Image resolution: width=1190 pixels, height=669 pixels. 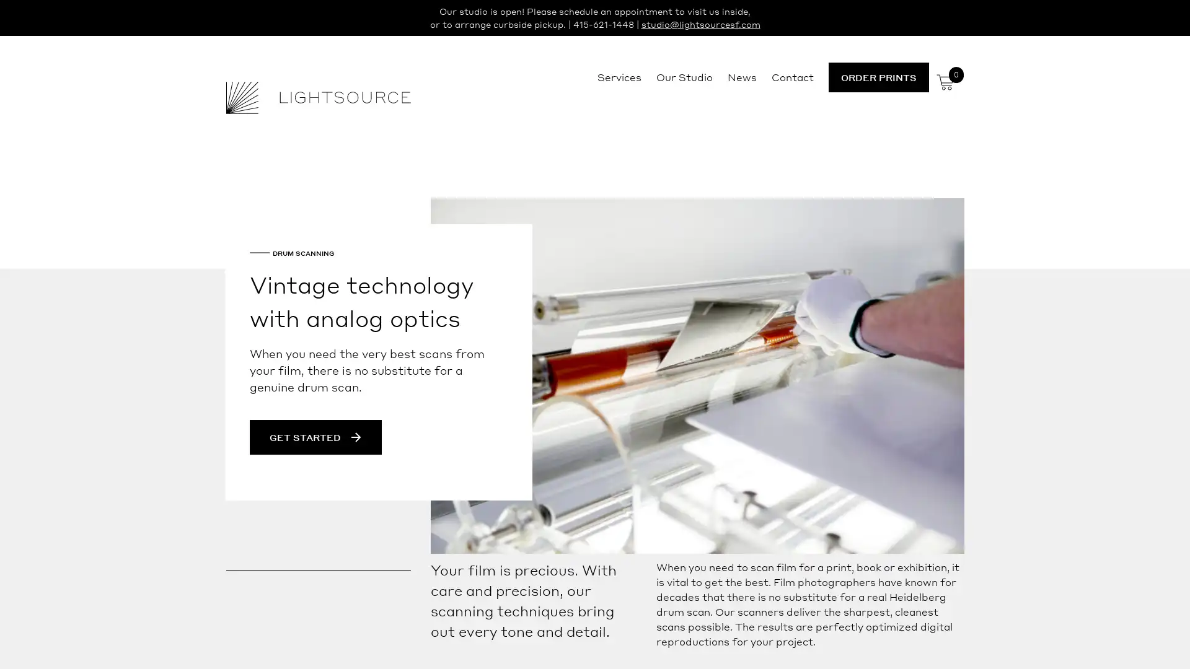 What do you see at coordinates (711, 431) in the screenshot?
I see `Sign up` at bounding box center [711, 431].